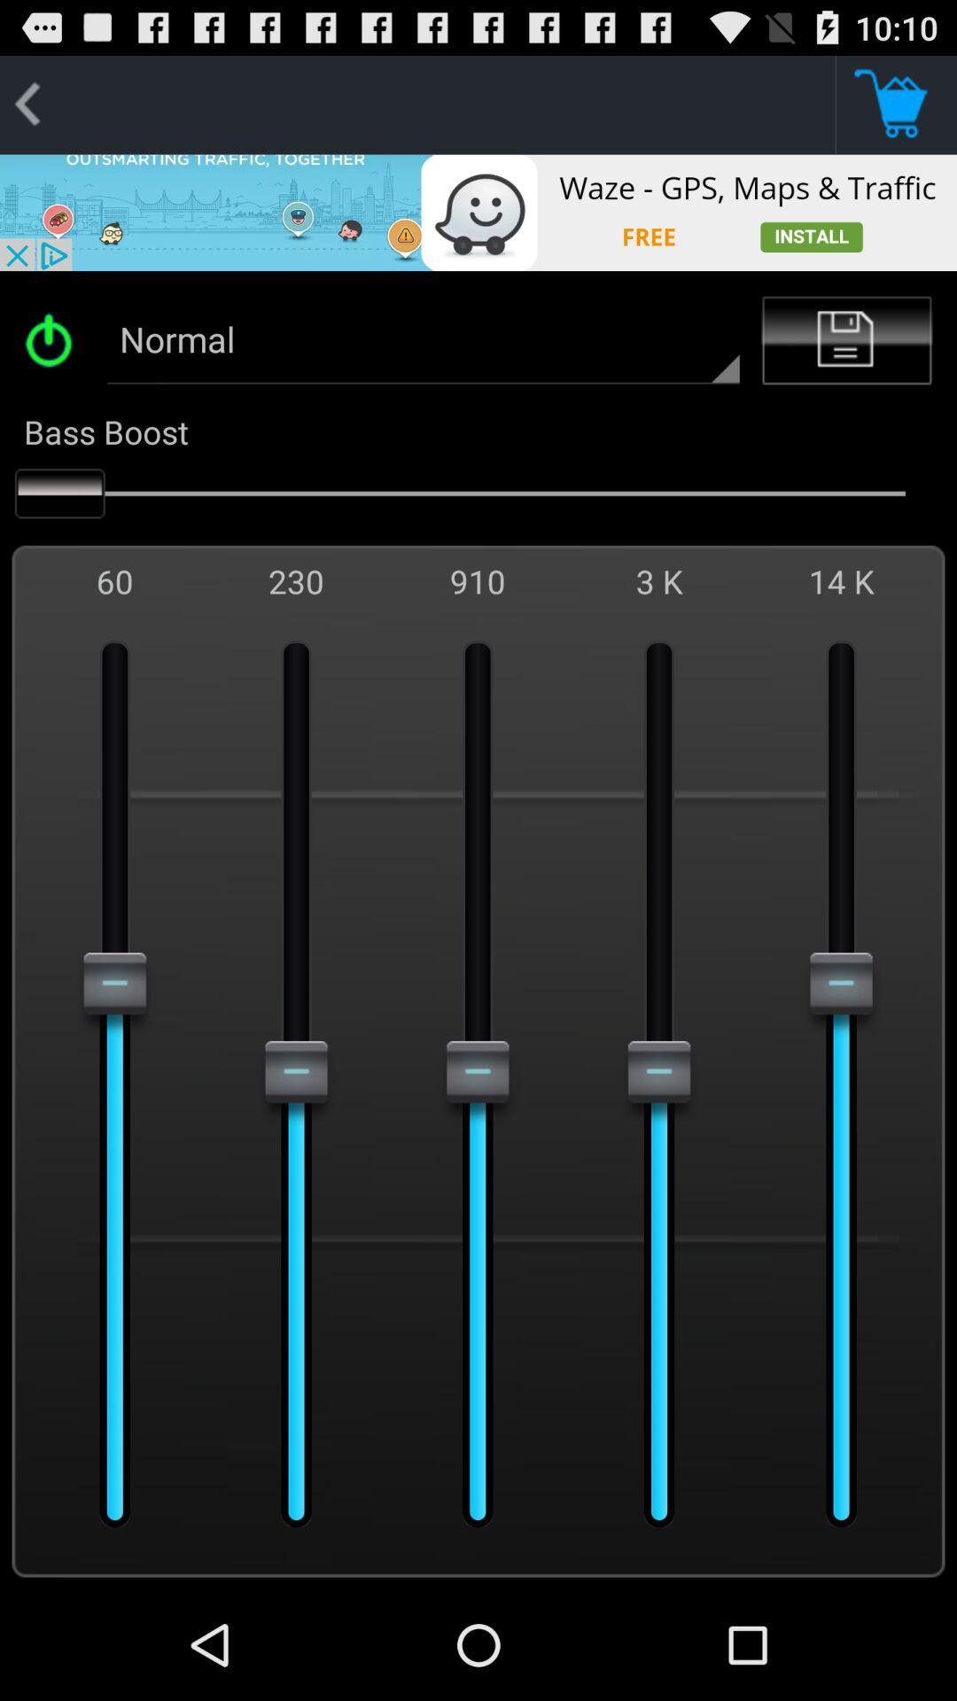  What do you see at coordinates (54, 340) in the screenshot?
I see `sound effect` at bounding box center [54, 340].